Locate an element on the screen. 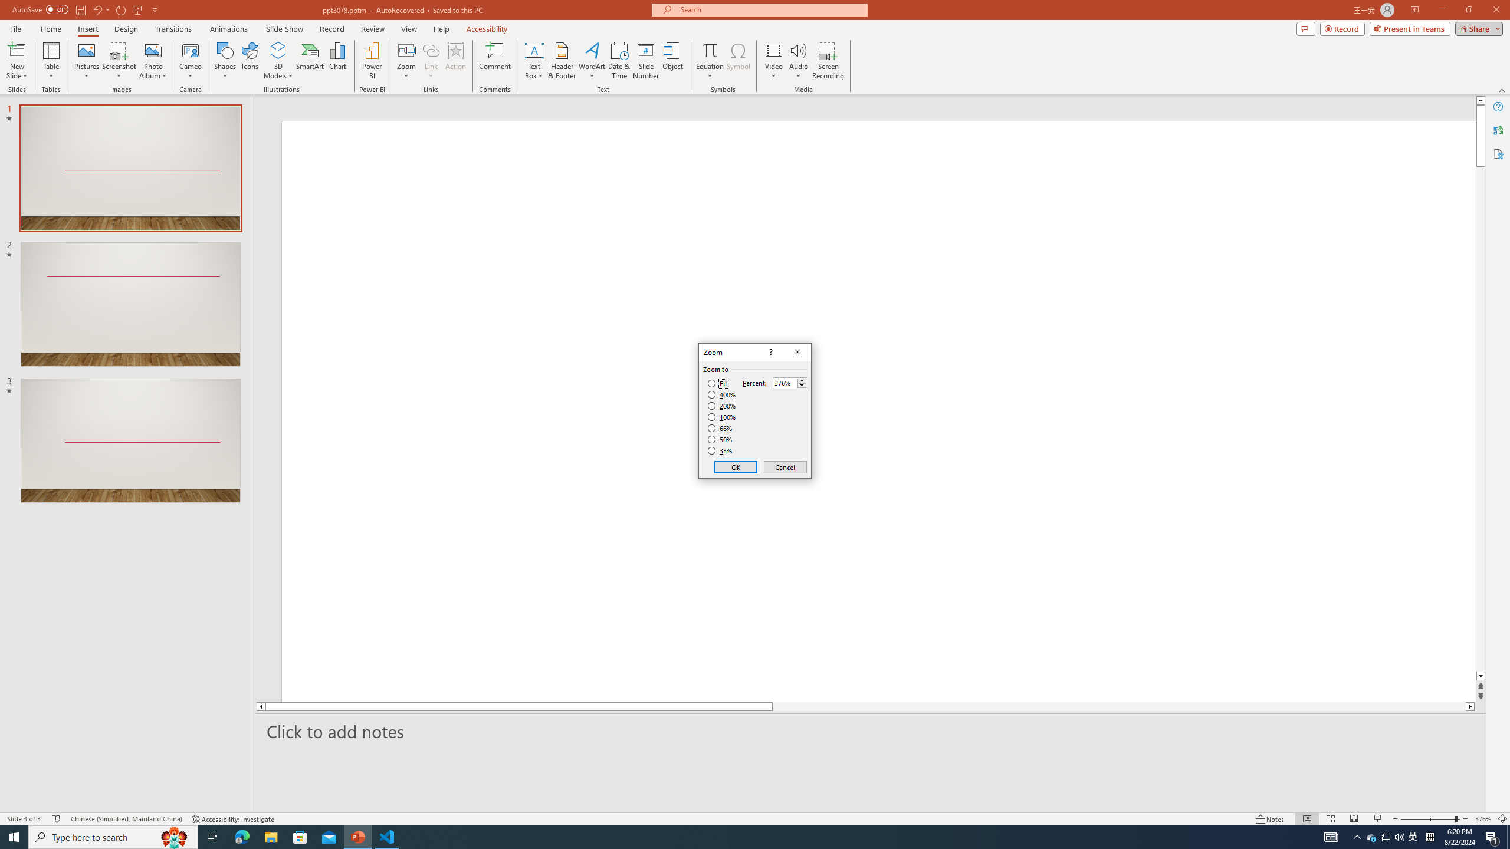 The height and width of the screenshot is (849, 1510). 'Percent' is located at coordinates (784, 383).